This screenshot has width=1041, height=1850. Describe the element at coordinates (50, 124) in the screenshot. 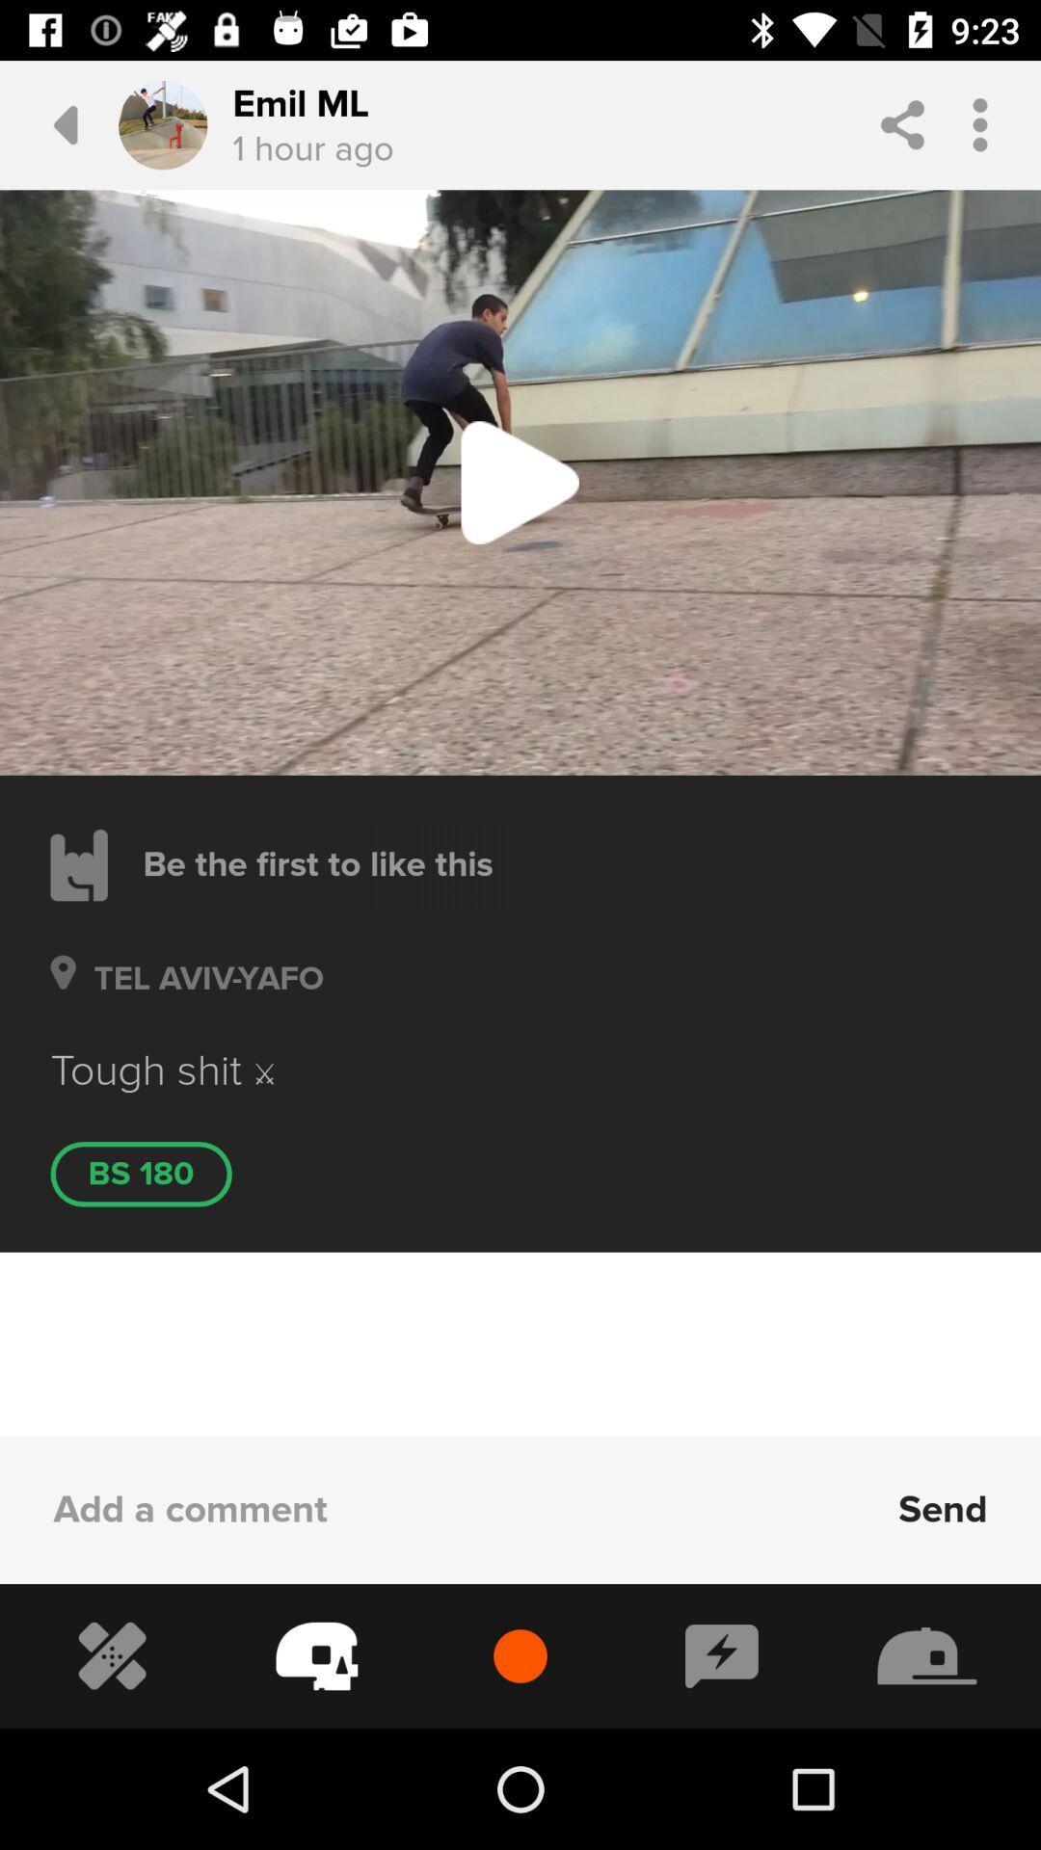

I see `the arrow_backward icon` at that location.